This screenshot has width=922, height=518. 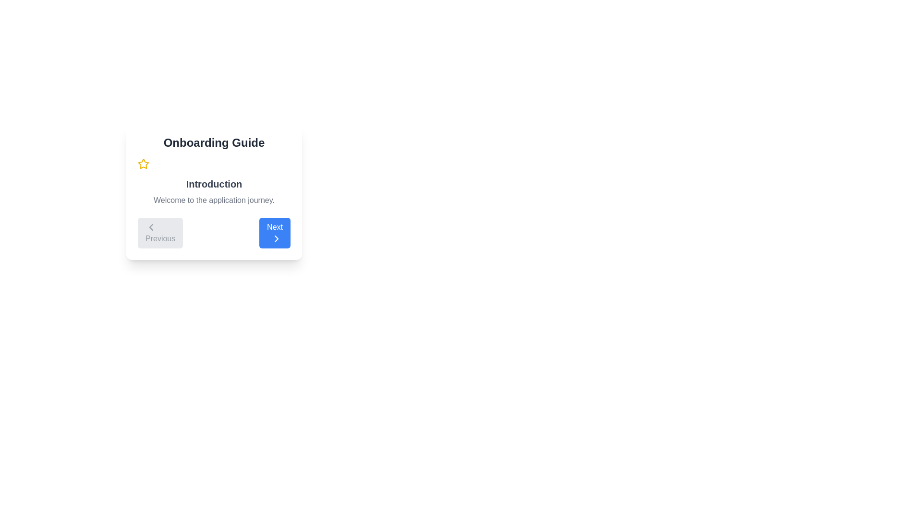 I want to click on the interactive button located to the right of the 'Previous' button in the navigation section at the bottom of the card-like UI element, so click(x=274, y=233).